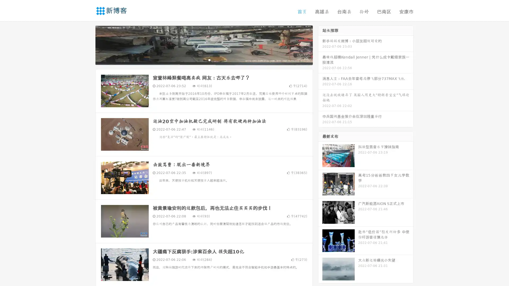  I want to click on Go to slide 2, so click(204, 60).